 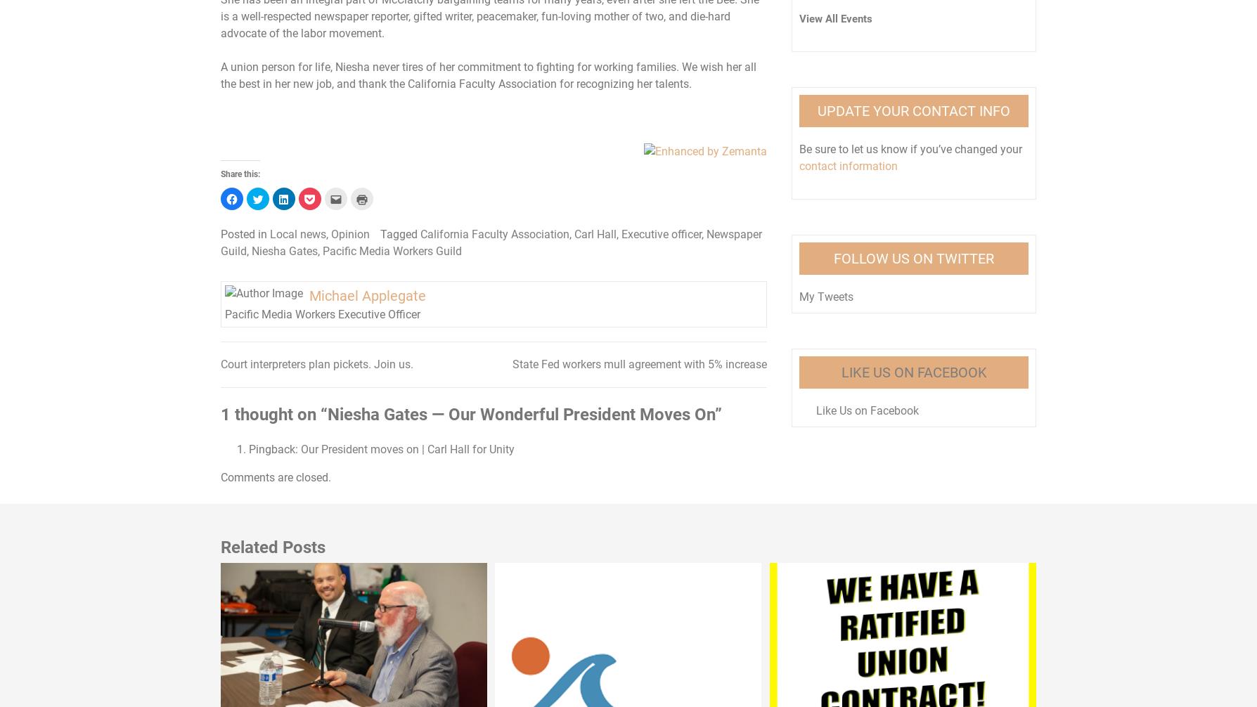 I want to click on 'Posted in', so click(x=245, y=233).